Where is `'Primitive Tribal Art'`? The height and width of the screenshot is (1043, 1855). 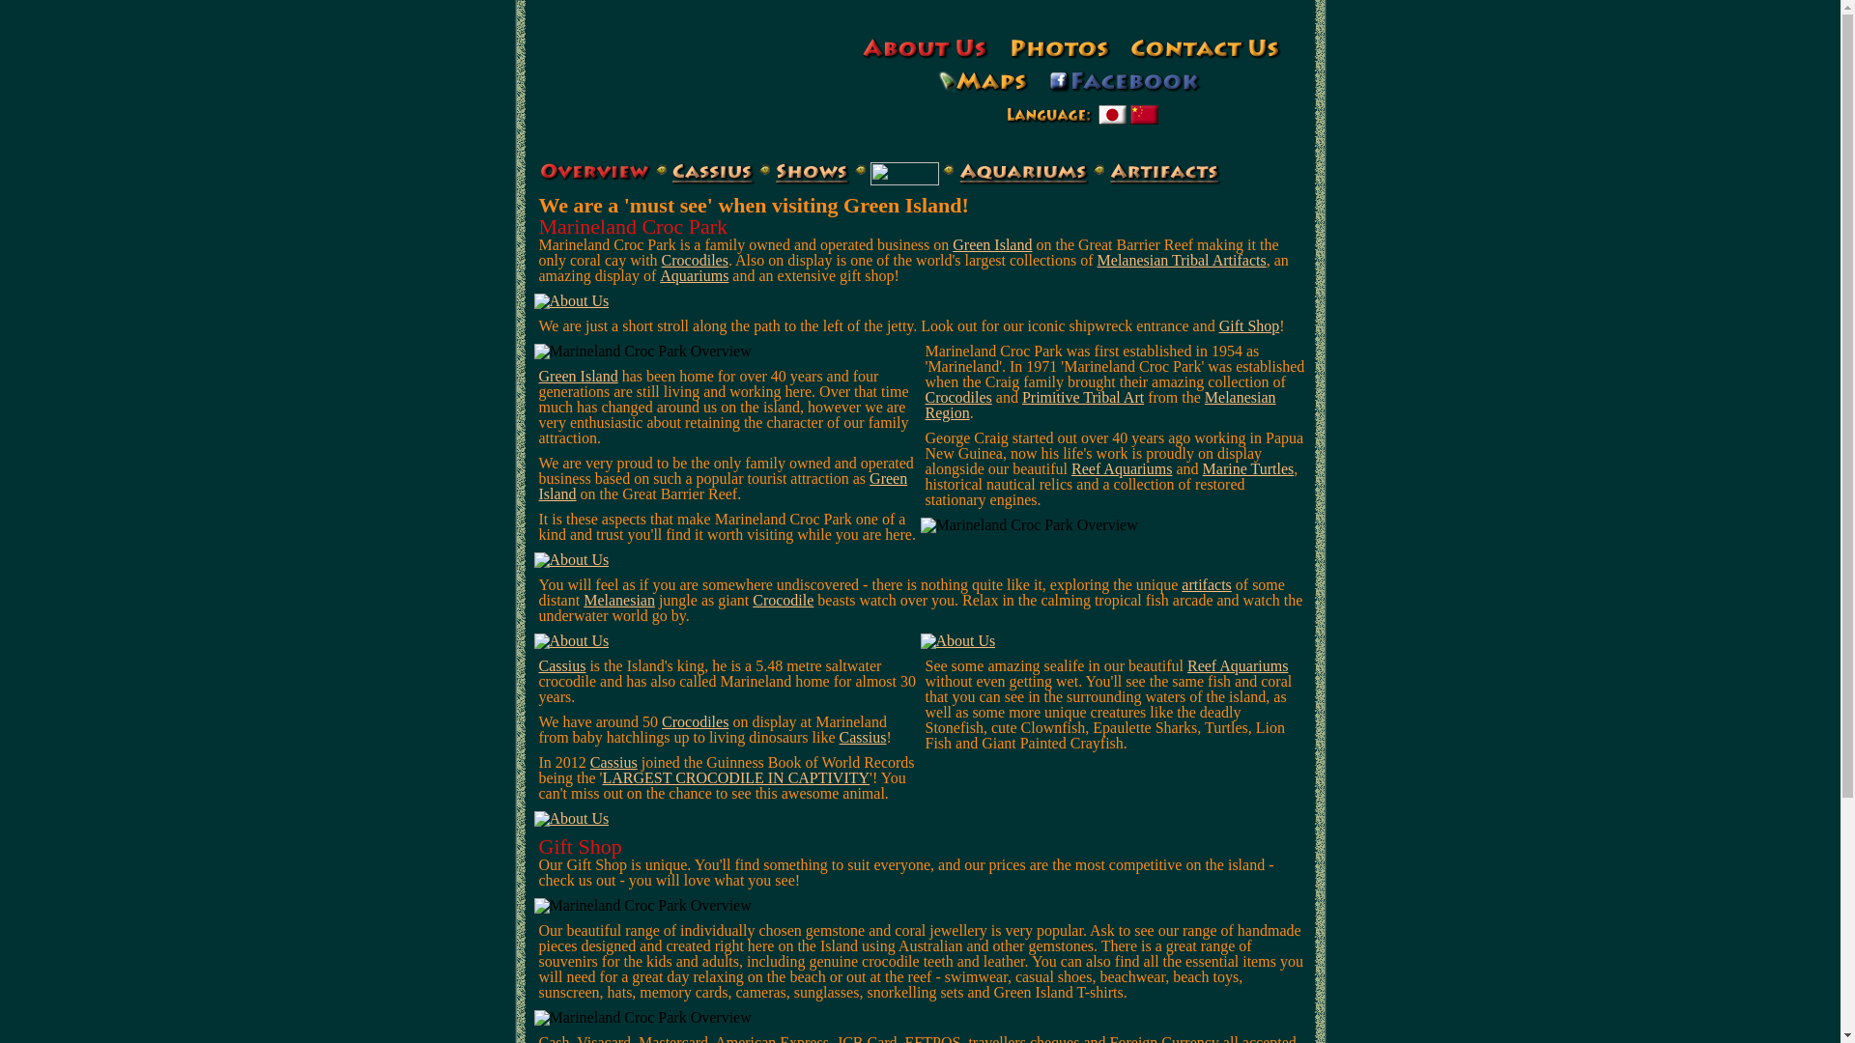
'Primitive Tribal Art' is located at coordinates (1083, 396).